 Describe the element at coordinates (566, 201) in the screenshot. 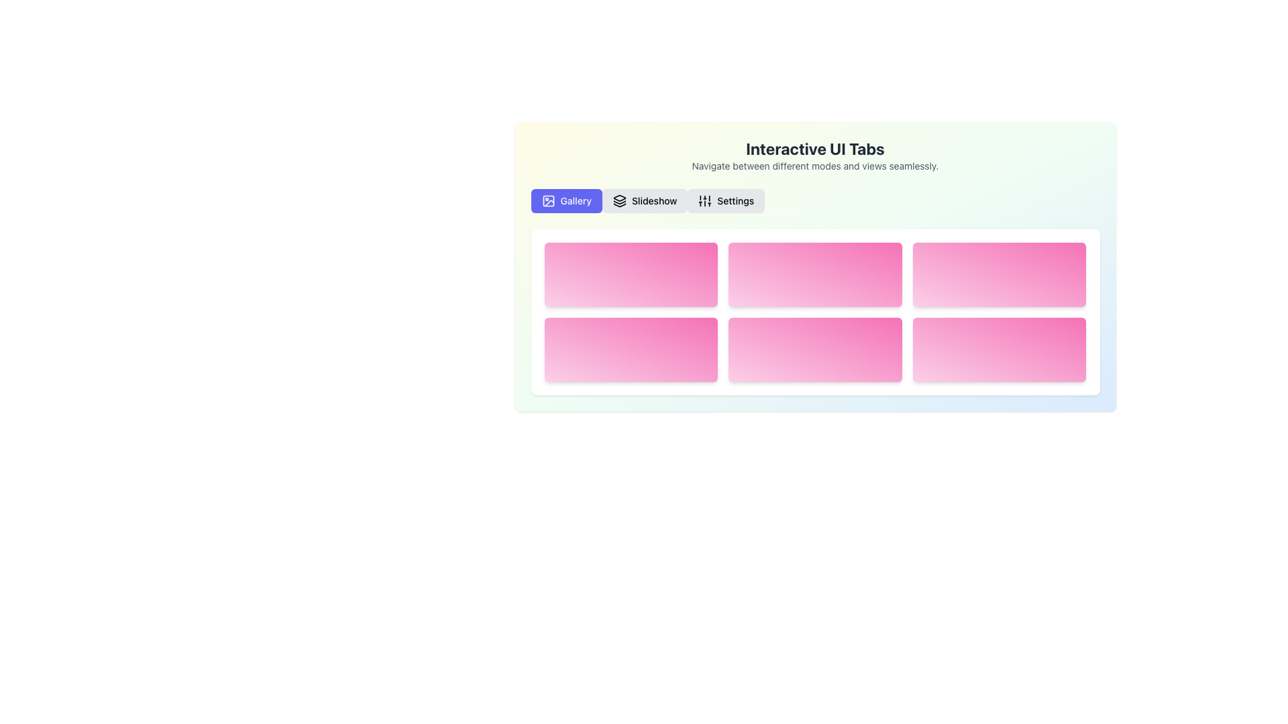

I see `the 'Gallery' button, which has a purple background, a white picture frame icon, and is the first tab in the navigation bar below the header 'Interactive UI Tabs'` at that location.